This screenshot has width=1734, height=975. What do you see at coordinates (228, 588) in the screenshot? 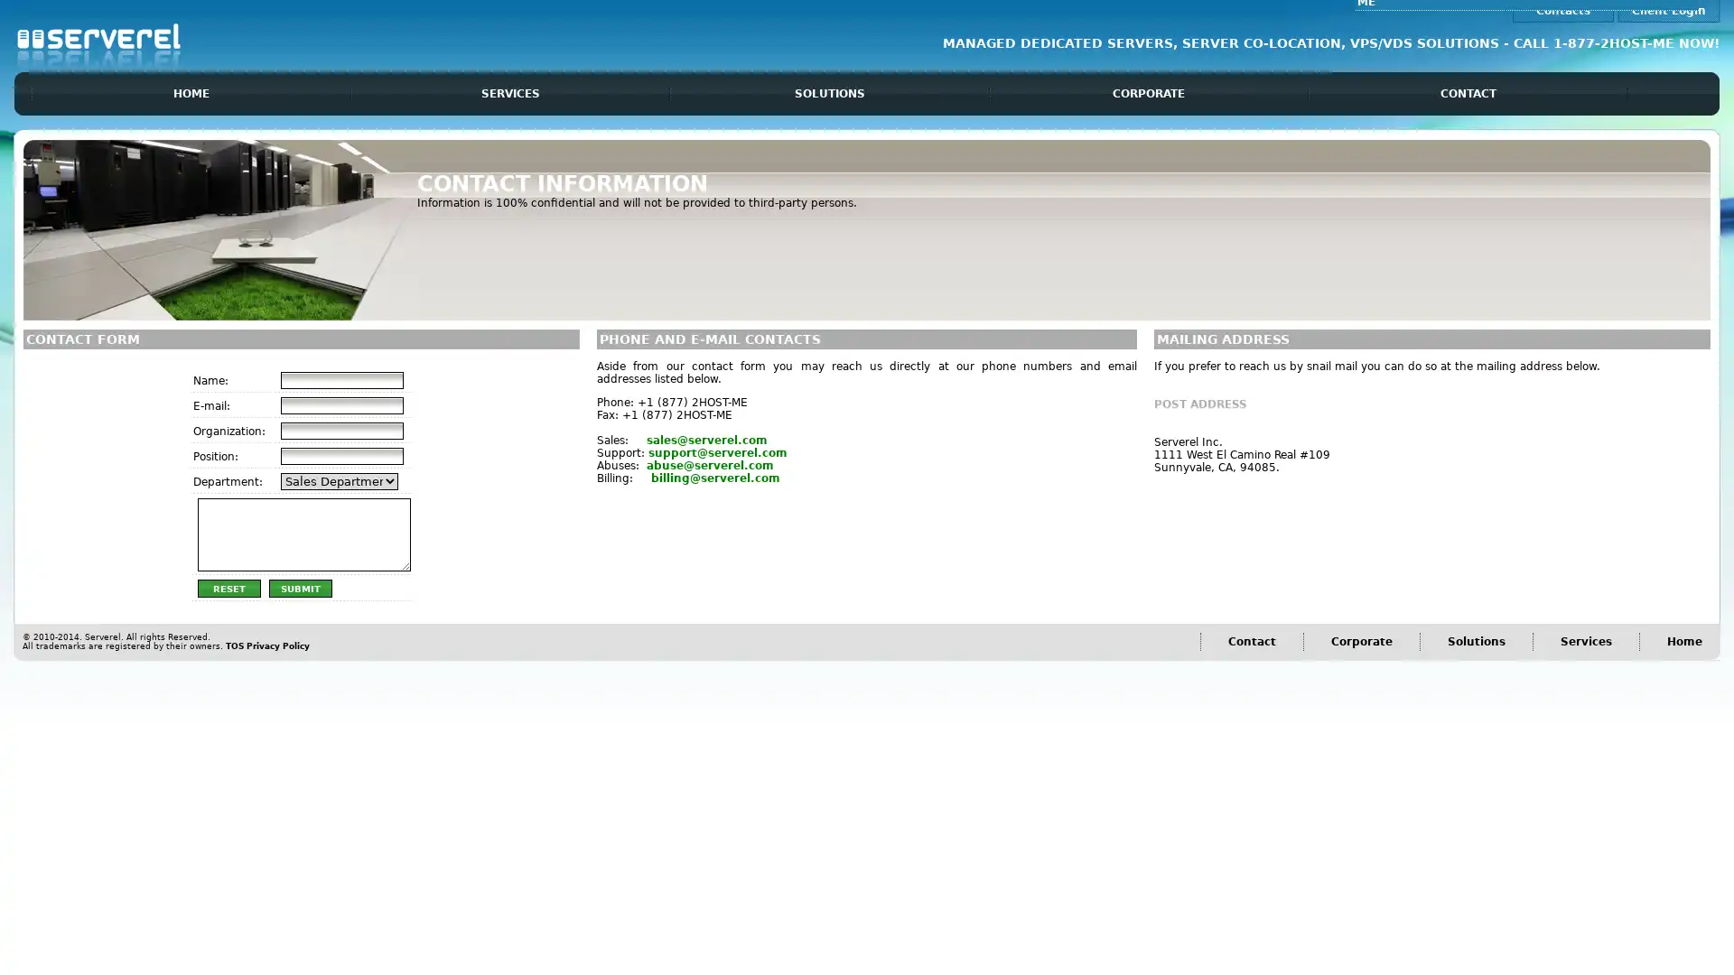
I see `Reset` at bounding box center [228, 588].